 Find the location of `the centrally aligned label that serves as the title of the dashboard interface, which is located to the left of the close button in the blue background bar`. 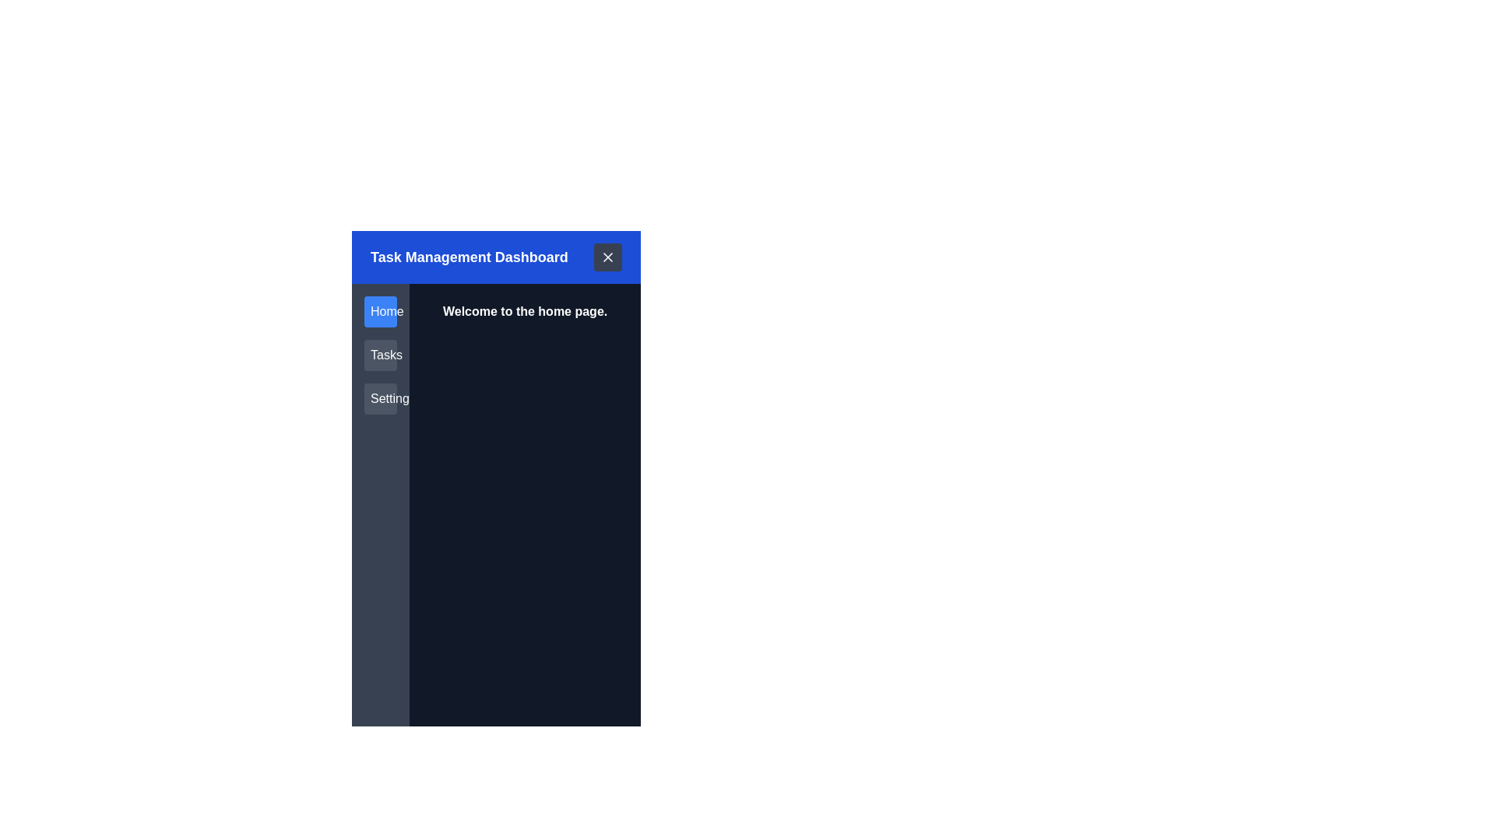

the centrally aligned label that serves as the title of the dashboard interface, which is located to the left of the close button in the blue background bar is located at coordinates (468, 257).